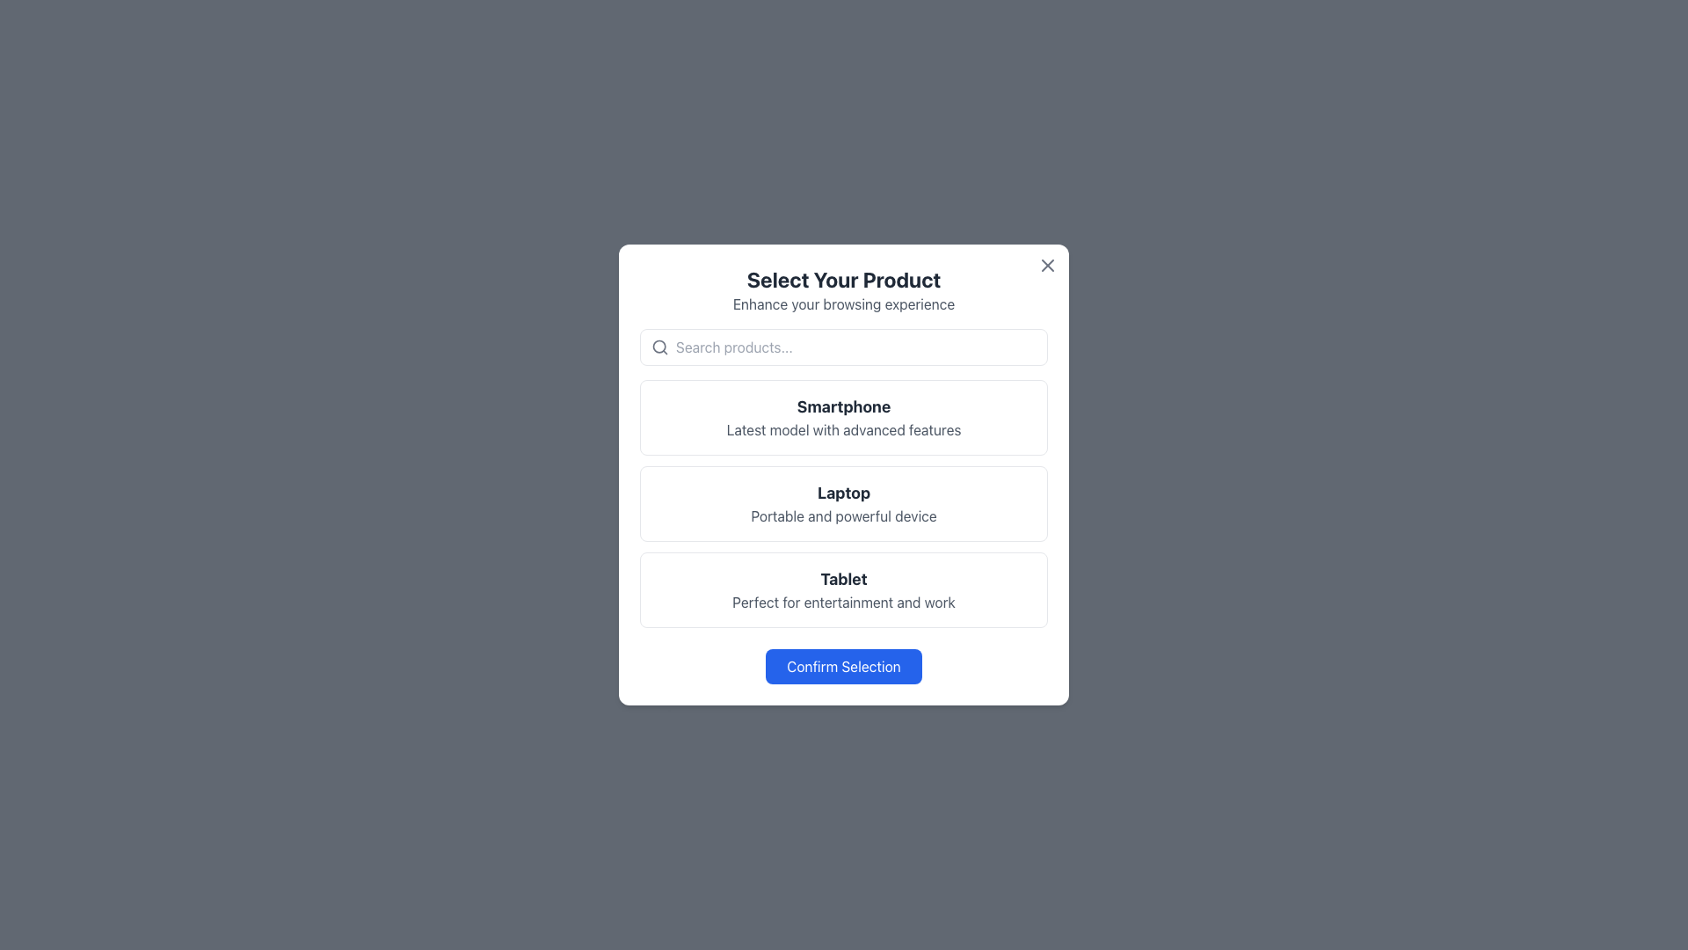 This screenshot has height=950, width=1688. I want to click on the search icon located within a bordered, rounded rectangle to the left of the 'Search products...' text input field to initiate a search, so click(658, 347).